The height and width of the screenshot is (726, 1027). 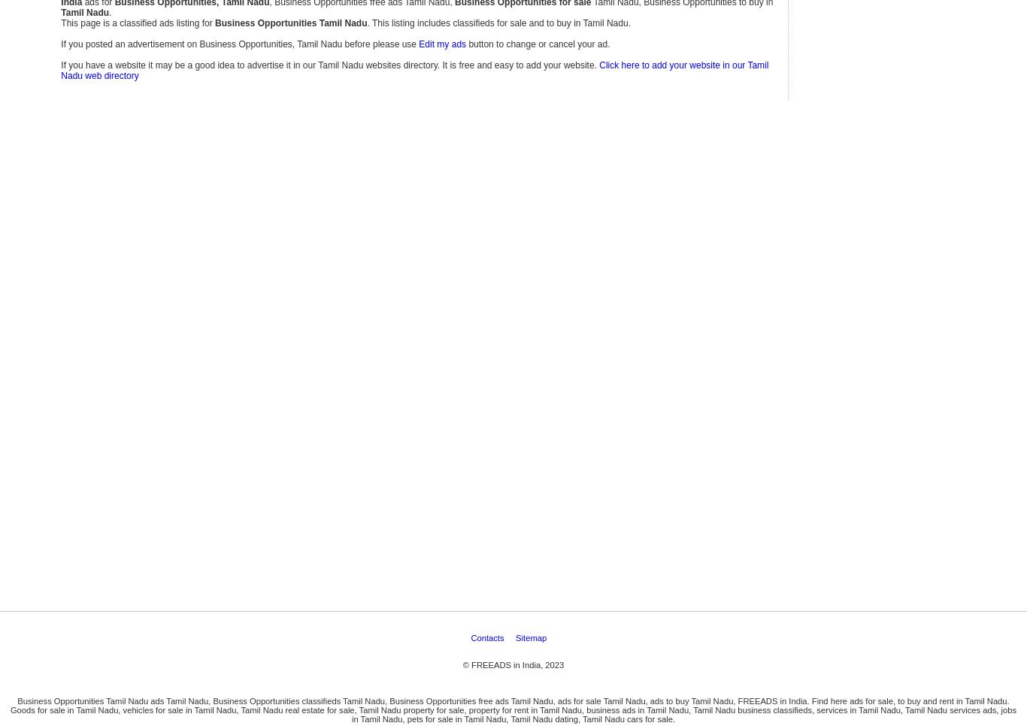 I want to click on 'Edit my ads', so click(x=441, y=44).